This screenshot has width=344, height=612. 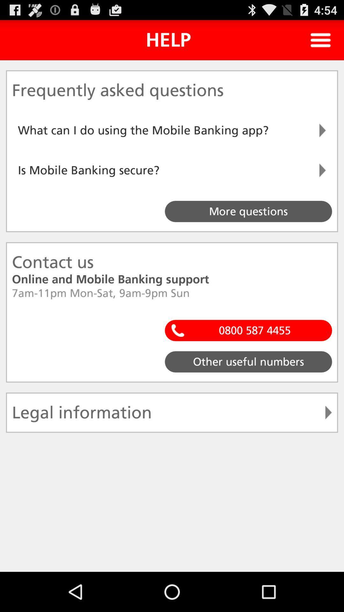 I want to click on the button more questions on the web page, so click(x=248, y=211).